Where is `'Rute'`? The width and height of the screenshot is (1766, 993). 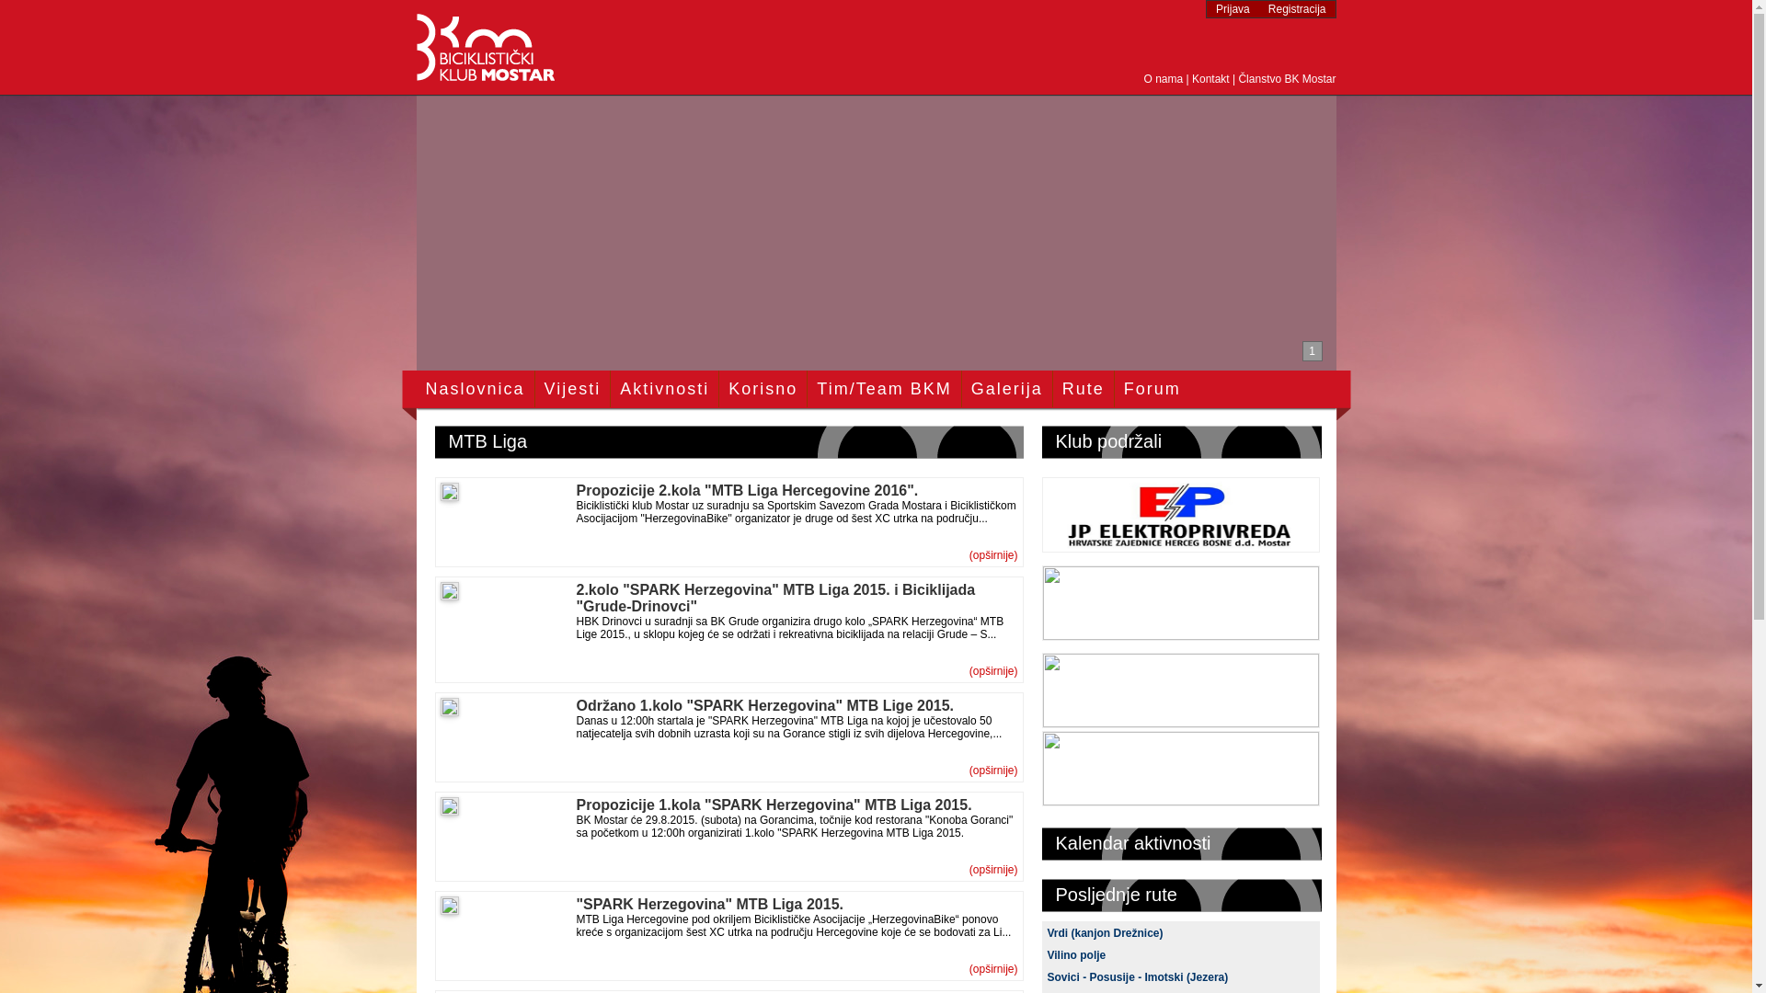
'Rute' is located at coordinates (1083, 388).